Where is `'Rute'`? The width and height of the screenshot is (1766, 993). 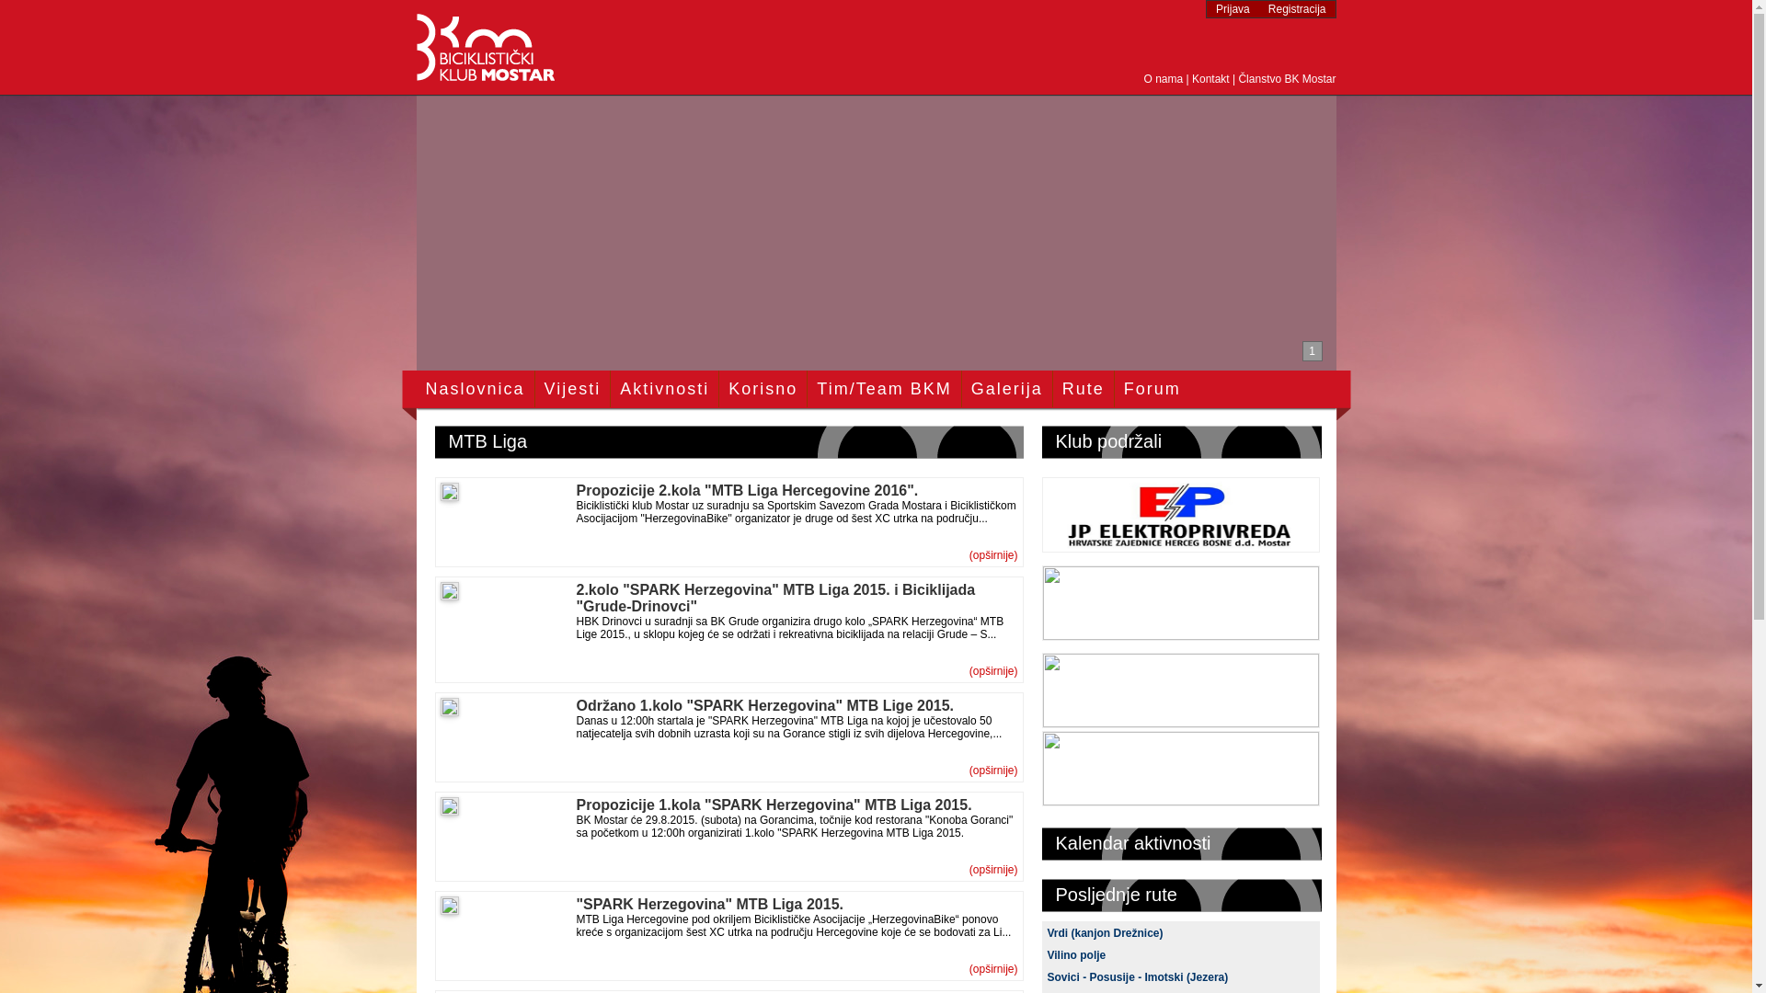
'Rute' is located at coordinates (1083, 388).